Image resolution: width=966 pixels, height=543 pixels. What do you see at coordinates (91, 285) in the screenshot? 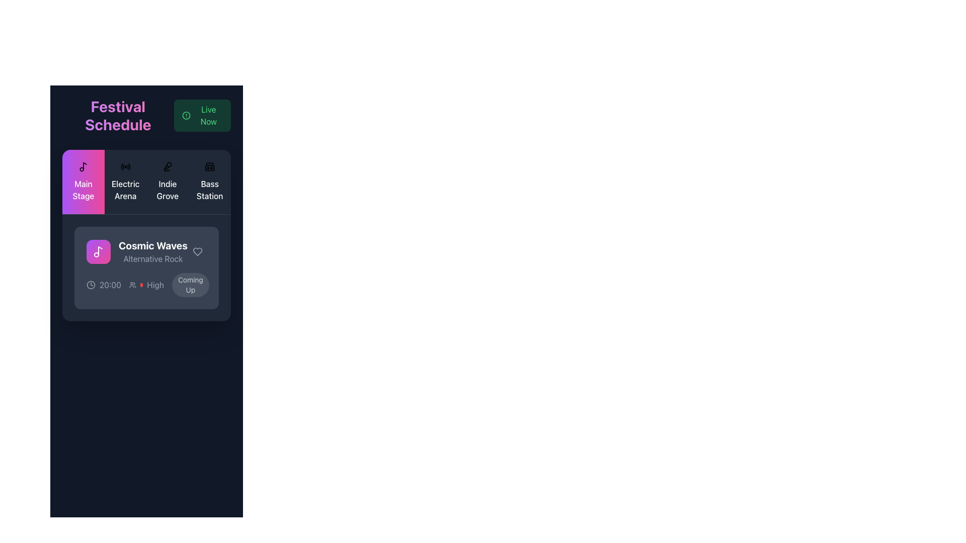
I see `the graphical clock icon located in the bottom left corner of the event card interface, which symbolizes schedule or event timing` at bounding box center [91, 285].